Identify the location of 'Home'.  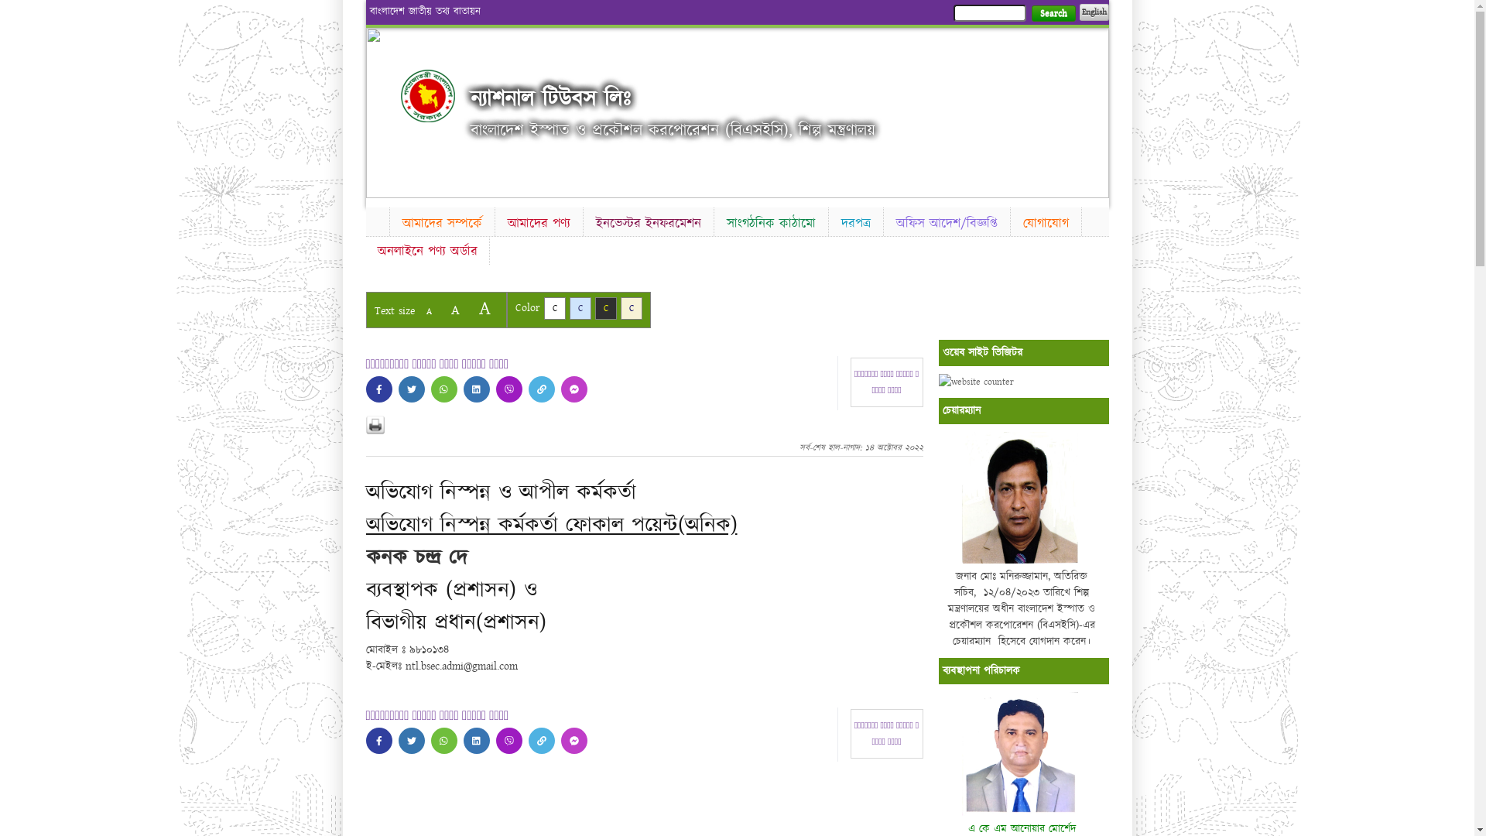
(401, 95).